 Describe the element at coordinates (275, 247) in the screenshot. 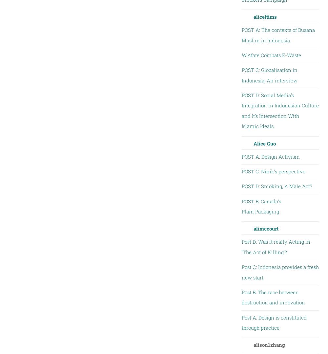

I see `'Post D: Was it really Acting in ‘The Act of Killing’?'` at that location.